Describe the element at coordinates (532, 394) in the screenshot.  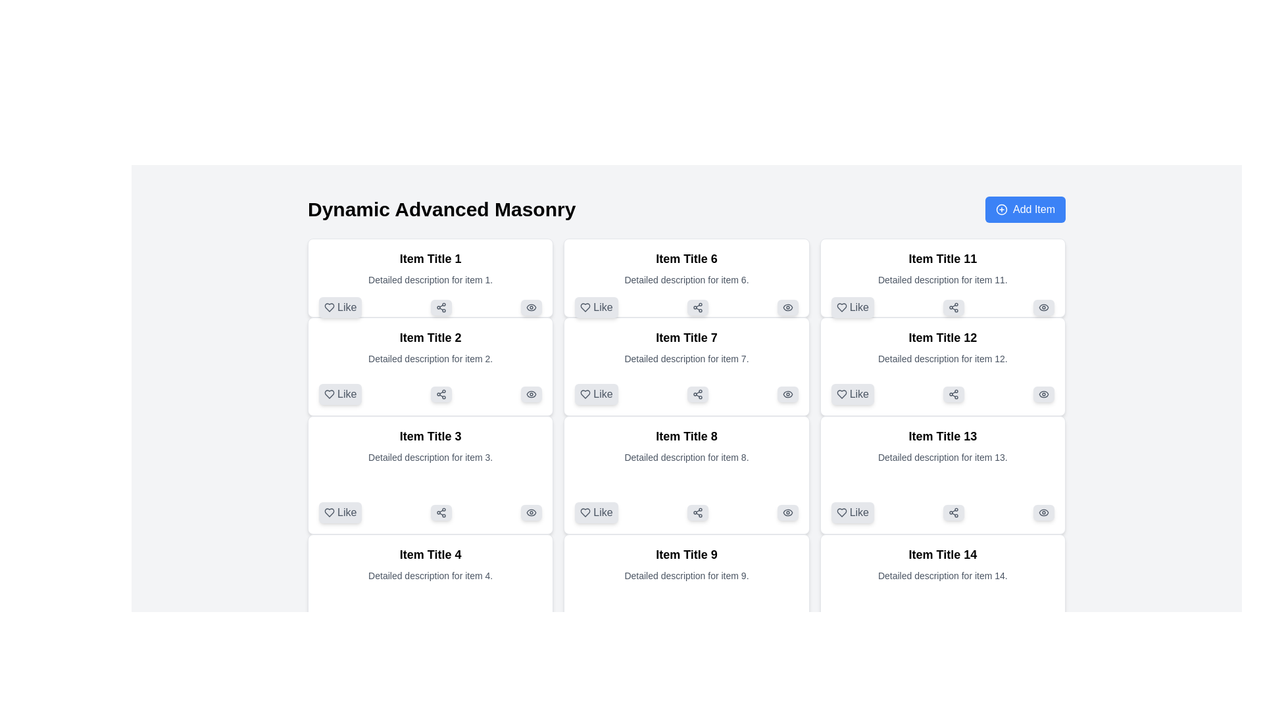
I see `the interactive visibility icon that resembles an eye, located at the bottom-right corner of the card labeled 'Item Title 2' in the second column of the interface grid` at that location.